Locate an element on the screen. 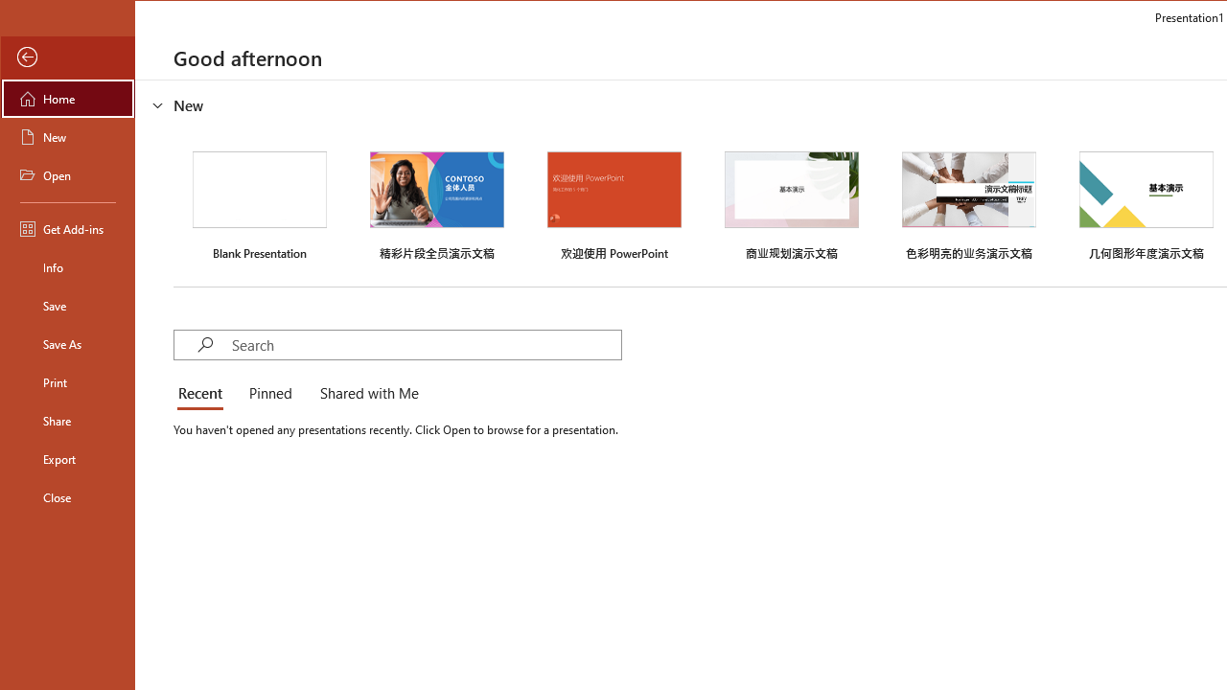  'Hide or show region' is located at coordinates (158, 104).